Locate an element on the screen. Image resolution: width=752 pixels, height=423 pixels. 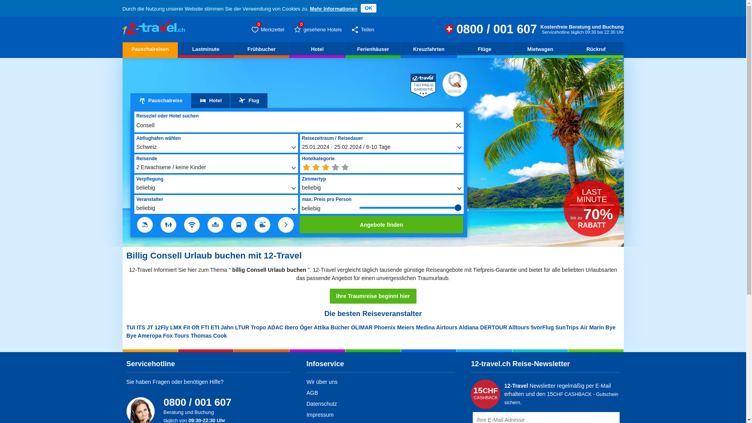
'Fox Tours' is located at coordinates (175, 335).